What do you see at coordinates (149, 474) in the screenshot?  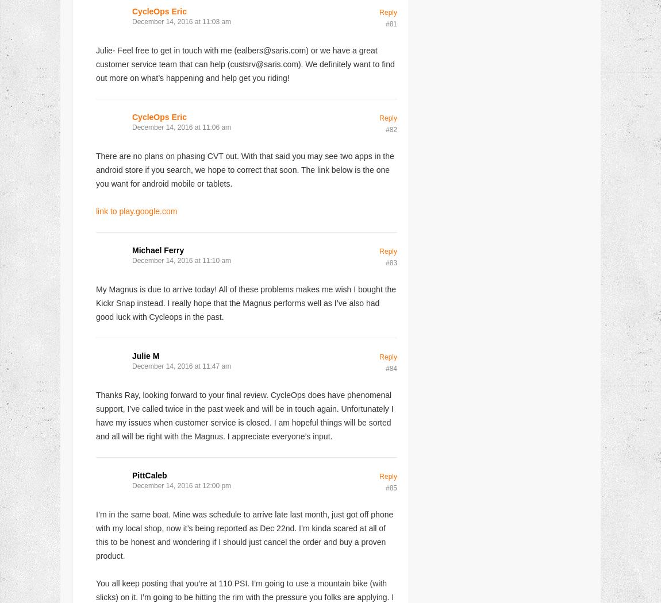 I see `'PittCaleb'` at bounding box center [149, 474].